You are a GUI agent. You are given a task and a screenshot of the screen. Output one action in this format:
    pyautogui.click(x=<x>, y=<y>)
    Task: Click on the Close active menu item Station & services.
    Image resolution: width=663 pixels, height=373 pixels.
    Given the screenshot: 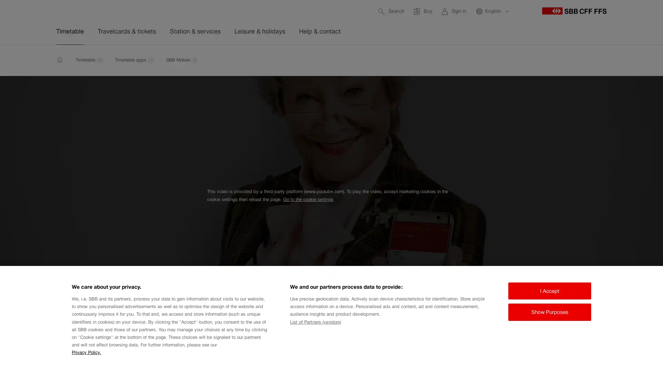 What is the action you would take?
    pyautogui.click(x=615, y=61)
    